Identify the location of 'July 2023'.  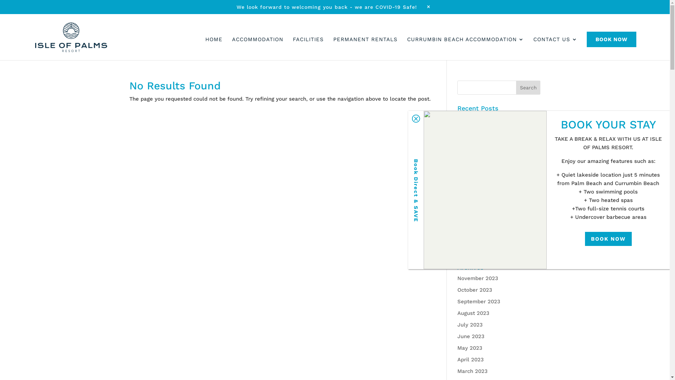
(457, 324).